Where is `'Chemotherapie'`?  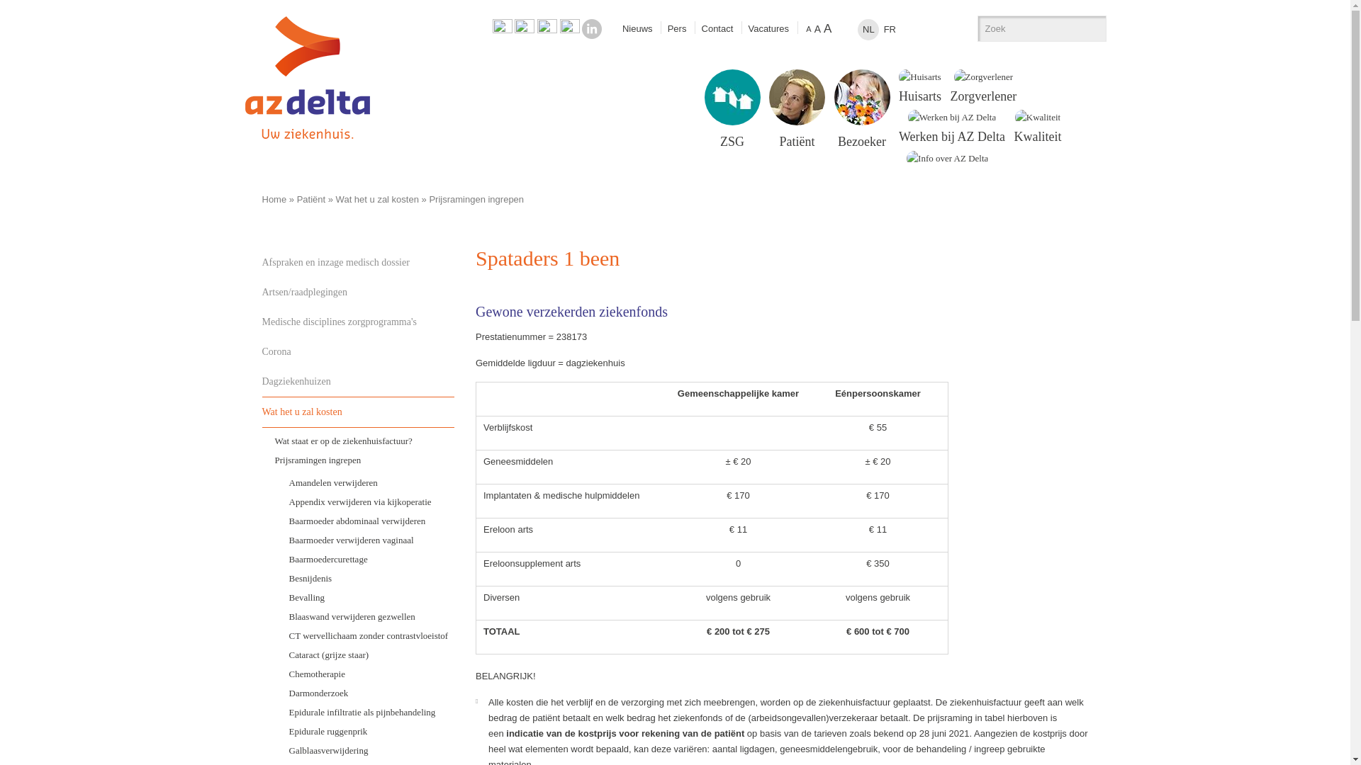 'Chemotherapie' is located at coordinates (365, 673).